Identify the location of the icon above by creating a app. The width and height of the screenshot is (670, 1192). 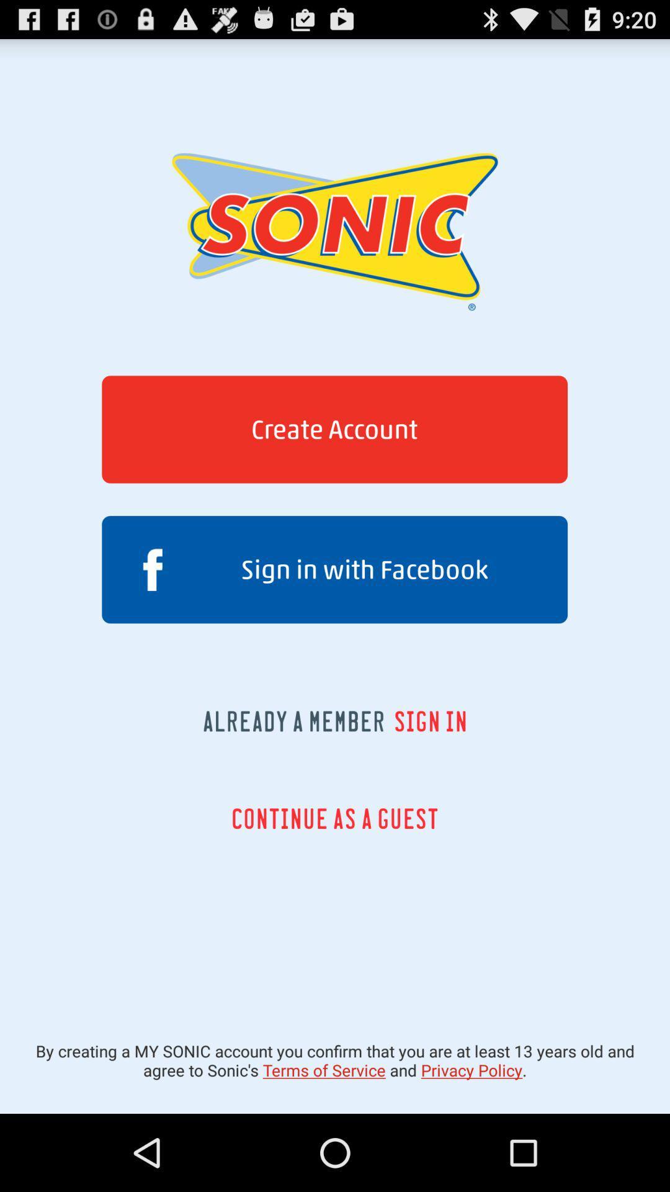
(334, 818).